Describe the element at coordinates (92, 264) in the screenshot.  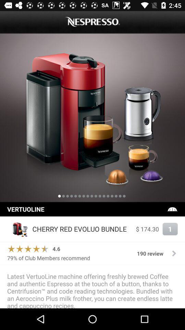
I see `the item above latest vertuoline machine item` at that location.